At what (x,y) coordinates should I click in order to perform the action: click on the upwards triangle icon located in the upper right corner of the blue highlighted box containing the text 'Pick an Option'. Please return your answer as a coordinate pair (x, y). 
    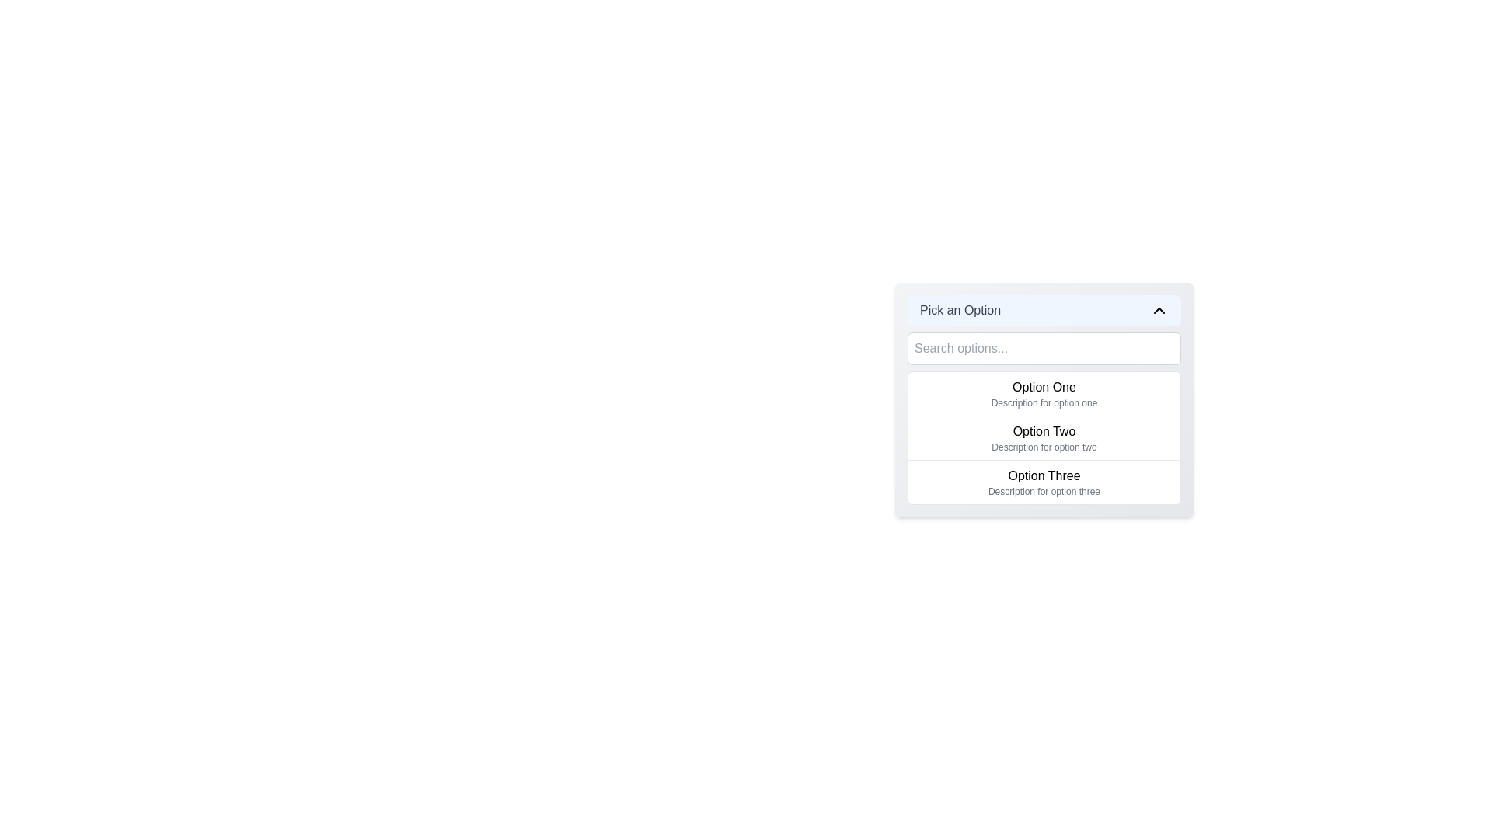
    Looking at the image, I should click on (1159, 311).